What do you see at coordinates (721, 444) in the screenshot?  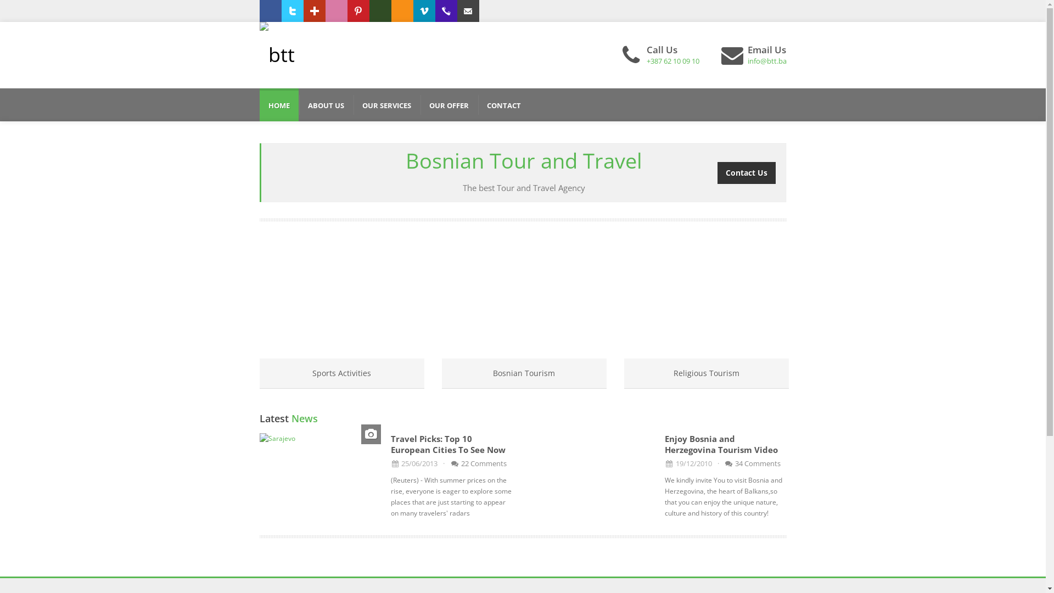 I see `'Enjoy Bosnia and Herzegovina Tourism Video'` at bounding box center [721, 444].